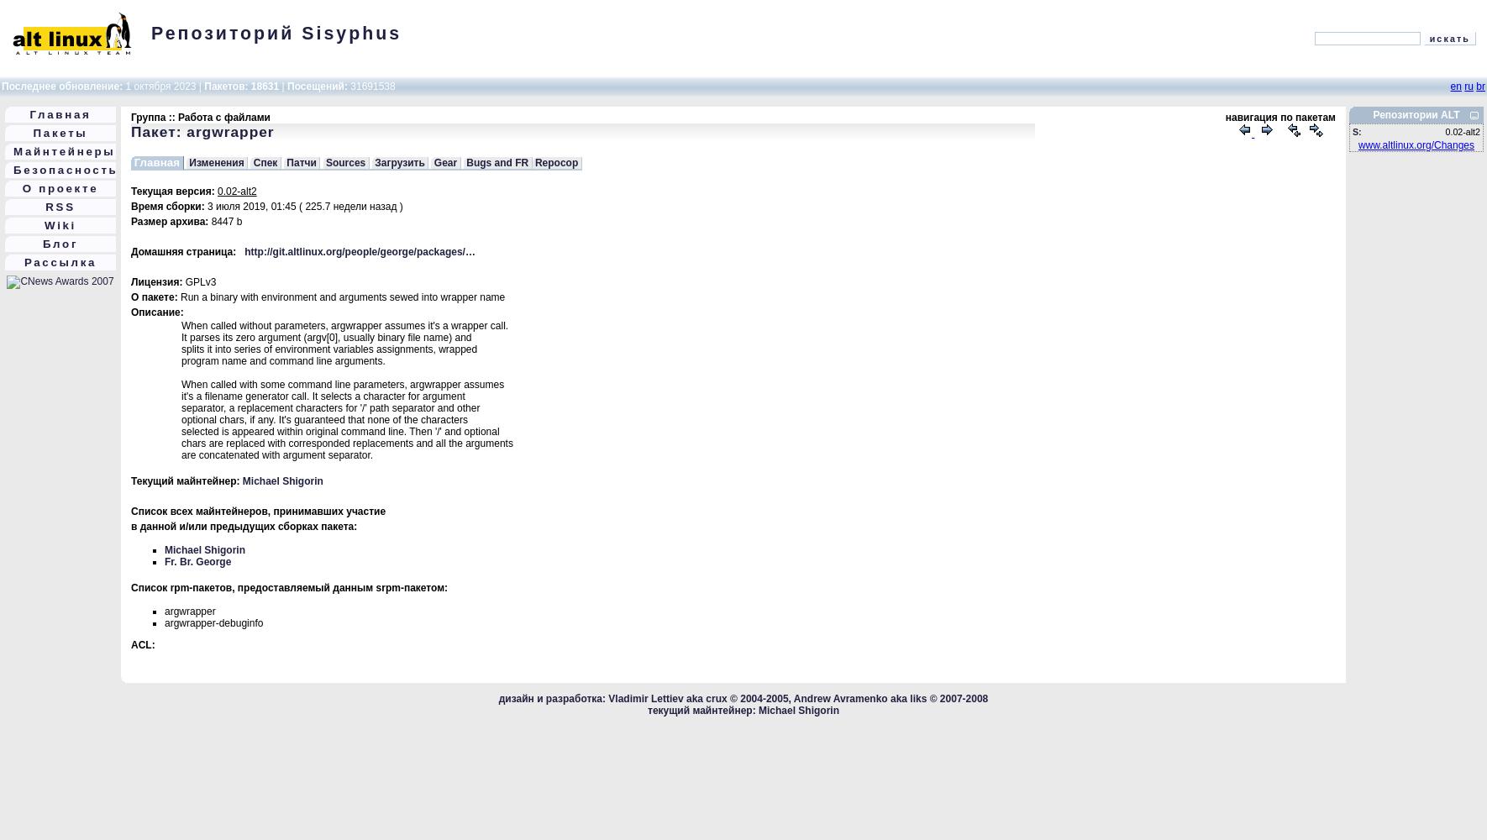 This screenshot has width=1487, height=840. I want to click on '31691538', so click(370, 86).